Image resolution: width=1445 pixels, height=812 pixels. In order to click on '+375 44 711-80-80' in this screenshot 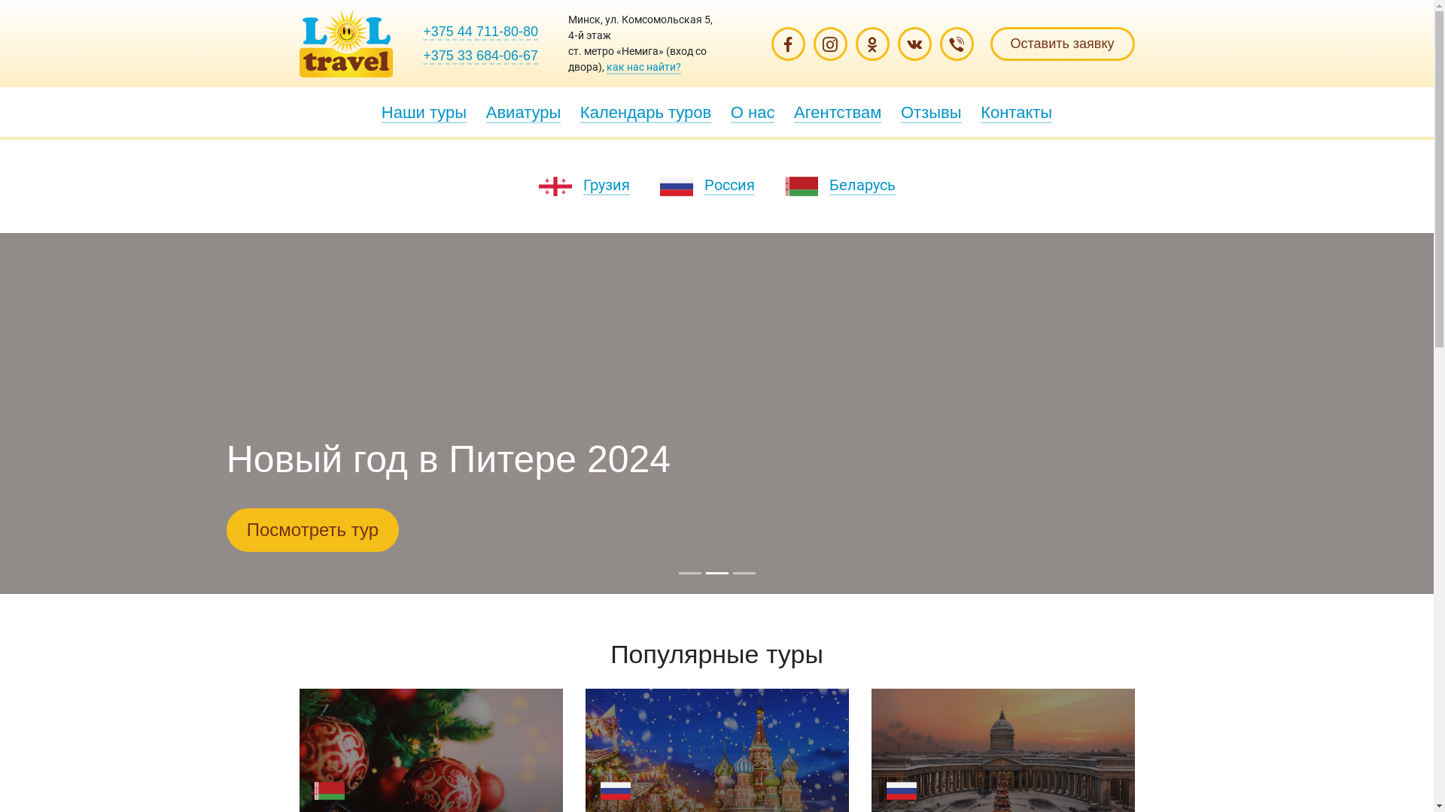, I will do `click(479, 32)`.